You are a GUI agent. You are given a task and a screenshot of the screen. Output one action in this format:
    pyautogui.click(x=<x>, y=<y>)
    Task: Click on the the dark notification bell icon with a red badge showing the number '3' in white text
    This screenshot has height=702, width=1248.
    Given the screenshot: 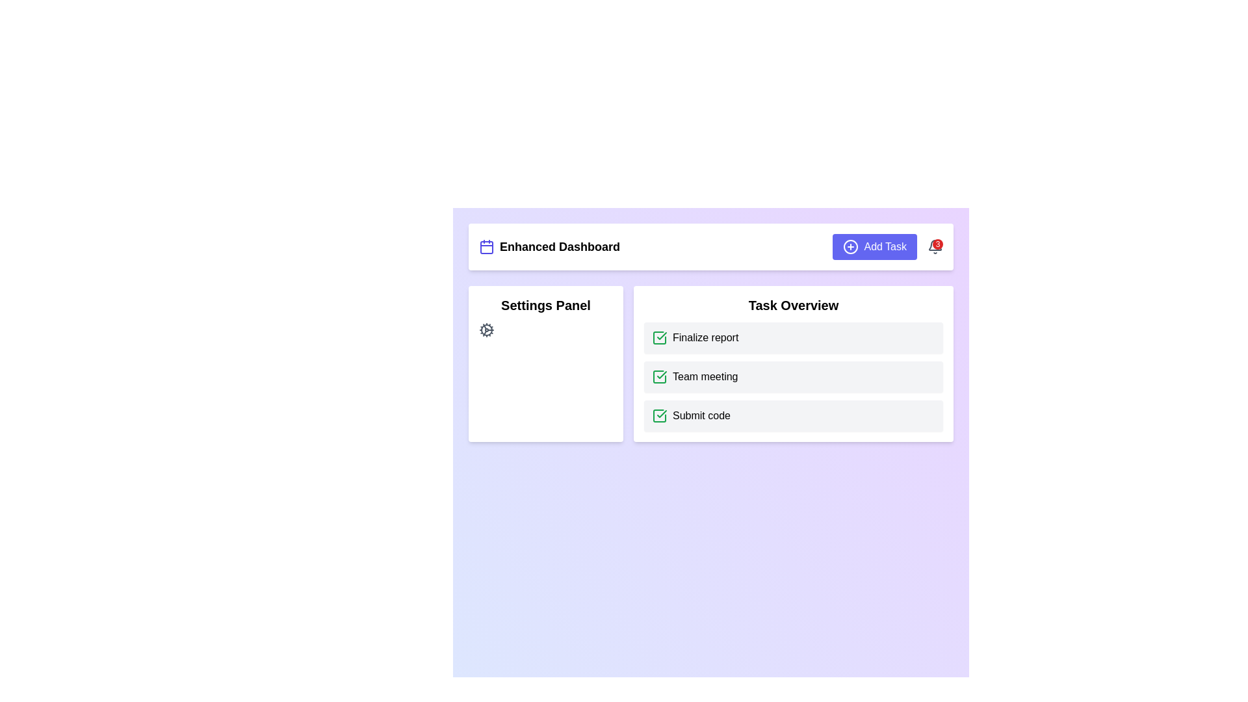 What is the action you would take?
    pyautogui.click(x=935, y=247)
    